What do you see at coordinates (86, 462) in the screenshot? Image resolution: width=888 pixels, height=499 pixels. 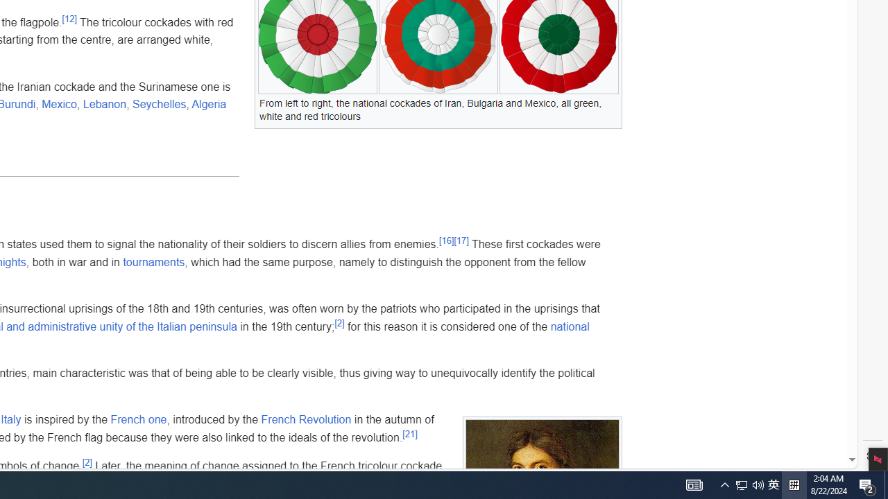 I see `'[2]'` at bounding box center [86, 462].